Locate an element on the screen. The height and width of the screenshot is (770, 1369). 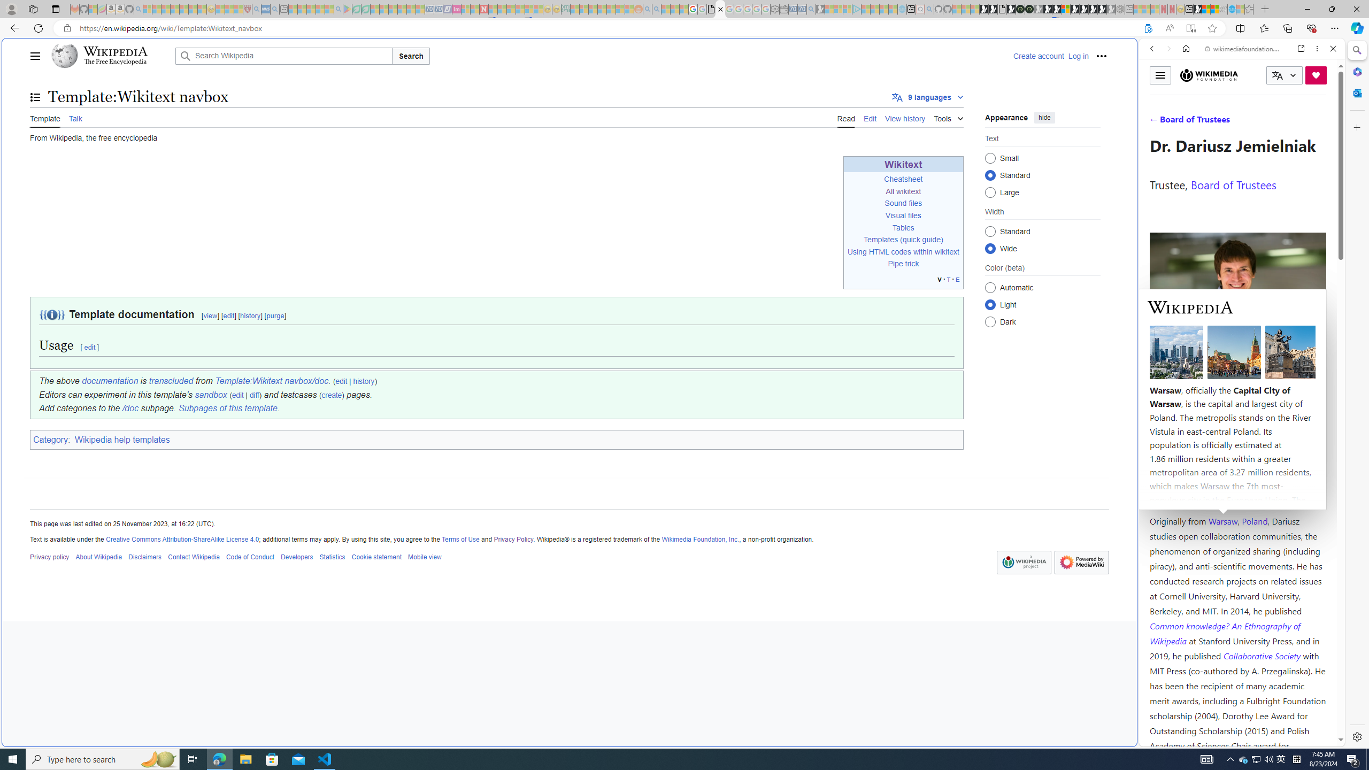
'Dark' is located at coordinates (990, 321).